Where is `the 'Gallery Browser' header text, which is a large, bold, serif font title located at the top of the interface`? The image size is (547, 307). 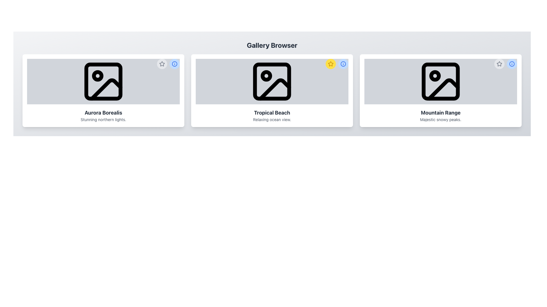 the 'Gallery Browser' header text, which is a large, bold, serif font title located at the top of the interface is located at coordinates (272, 45).